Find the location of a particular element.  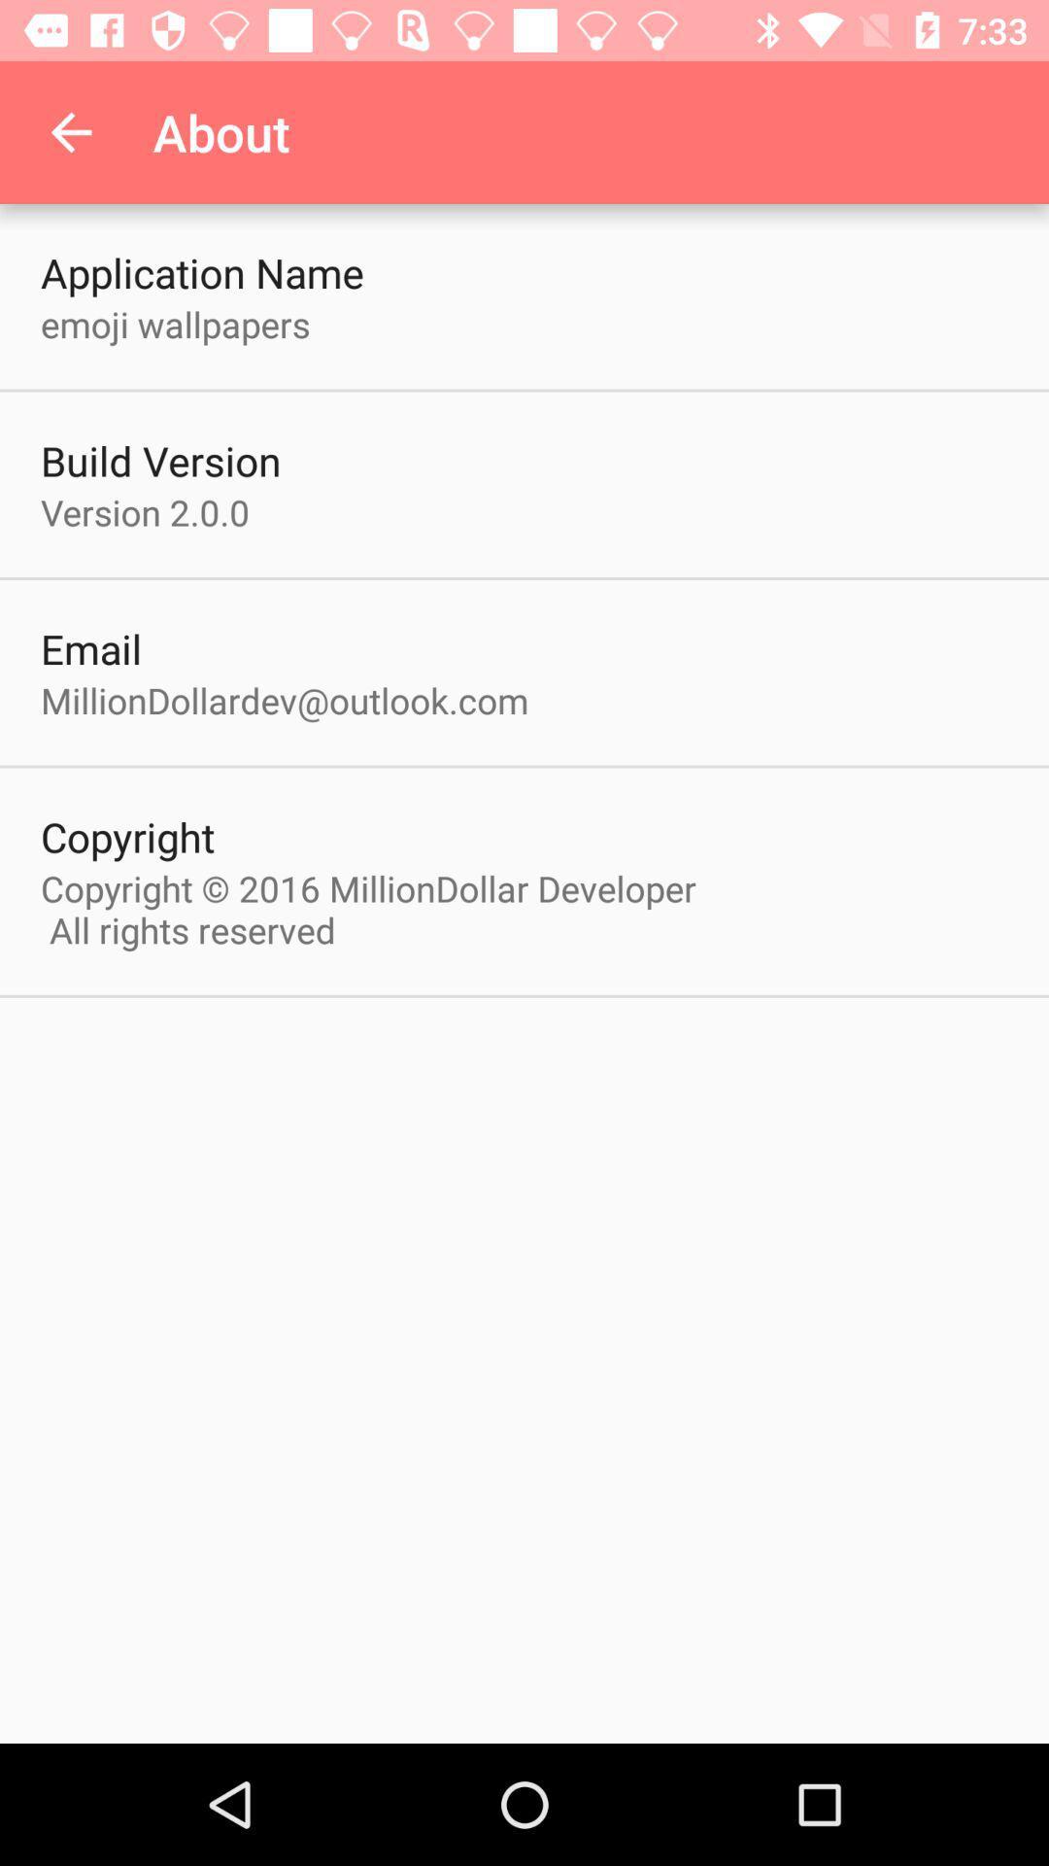

the version 2 0 icon is located at coordinates (144, 512).